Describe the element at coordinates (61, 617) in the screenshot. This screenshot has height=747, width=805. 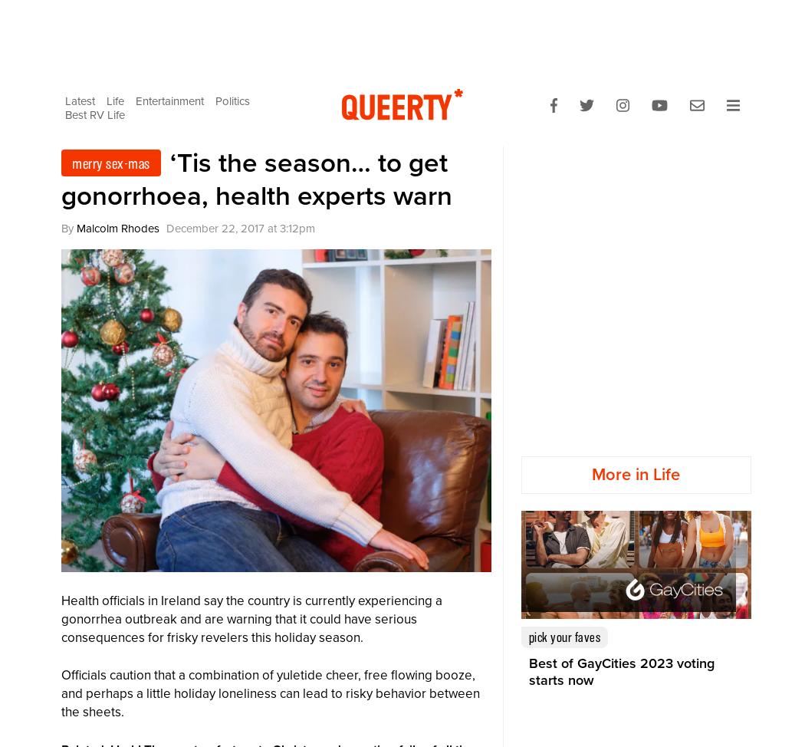
I see `'Health officials in Ireland say the country is currently experiencing a gonorrhea outbreak and are warning that it could have serious consequences for frisky revelers this holiday season.'` at that location.